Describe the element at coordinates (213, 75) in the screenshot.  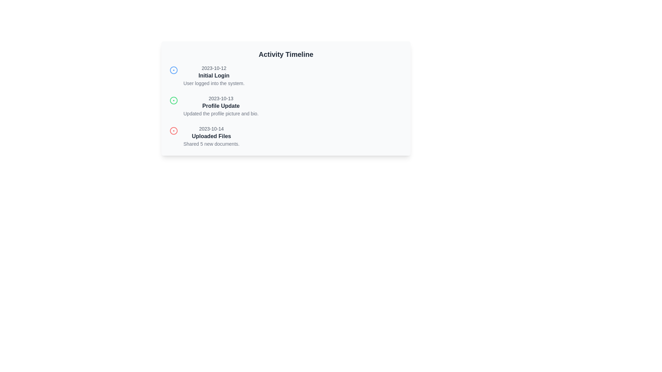
I see `text content from the topmost structured text block in the timeline that details the 'Initial Login' event` at that location.